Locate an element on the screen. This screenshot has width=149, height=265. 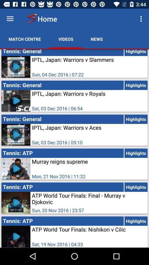
app to the right of the news app is located at coordinates (142, 19).